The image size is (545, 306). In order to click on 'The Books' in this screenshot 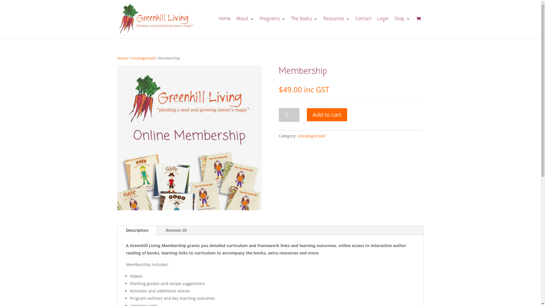, I will do `click(291, 27)`.